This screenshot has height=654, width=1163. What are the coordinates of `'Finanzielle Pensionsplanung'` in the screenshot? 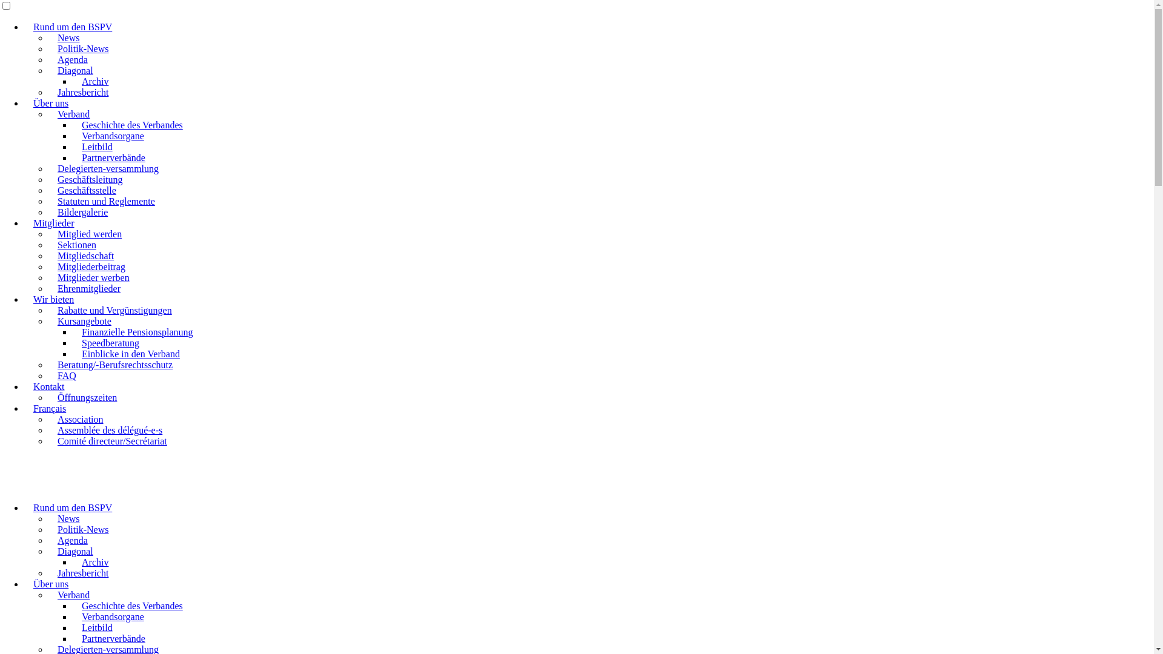 It's located at (137, 332).